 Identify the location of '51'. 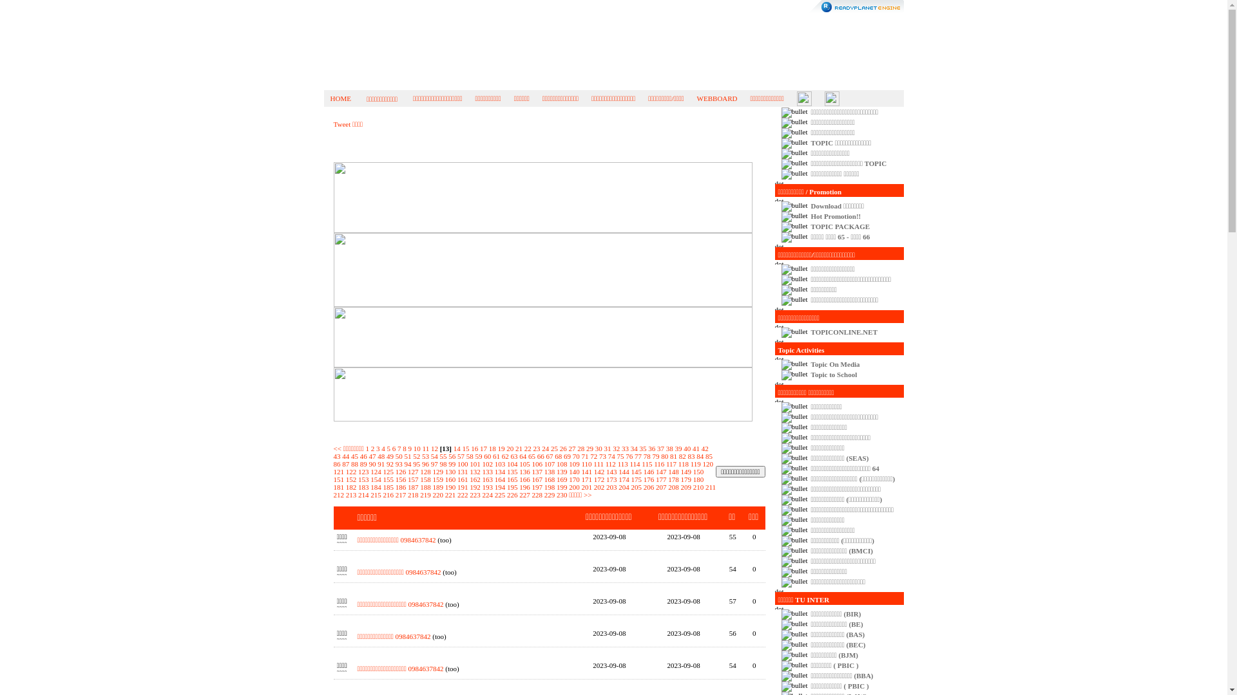
(407, 456).